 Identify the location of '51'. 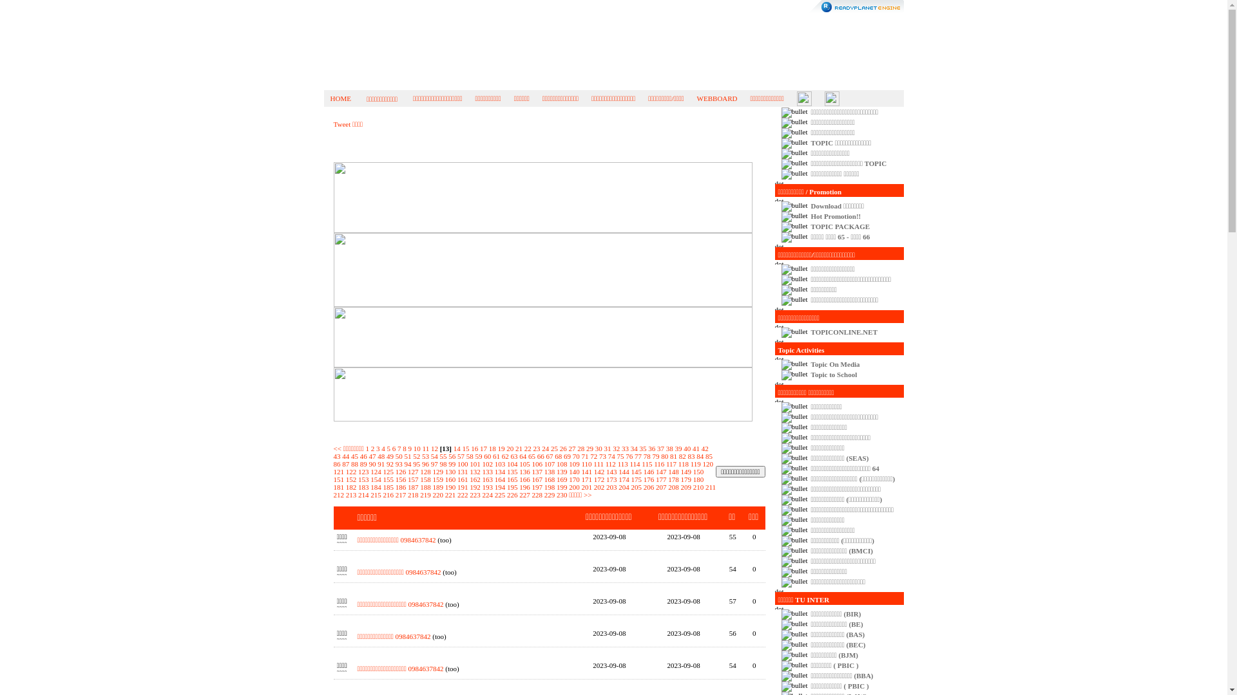
(407, 456).